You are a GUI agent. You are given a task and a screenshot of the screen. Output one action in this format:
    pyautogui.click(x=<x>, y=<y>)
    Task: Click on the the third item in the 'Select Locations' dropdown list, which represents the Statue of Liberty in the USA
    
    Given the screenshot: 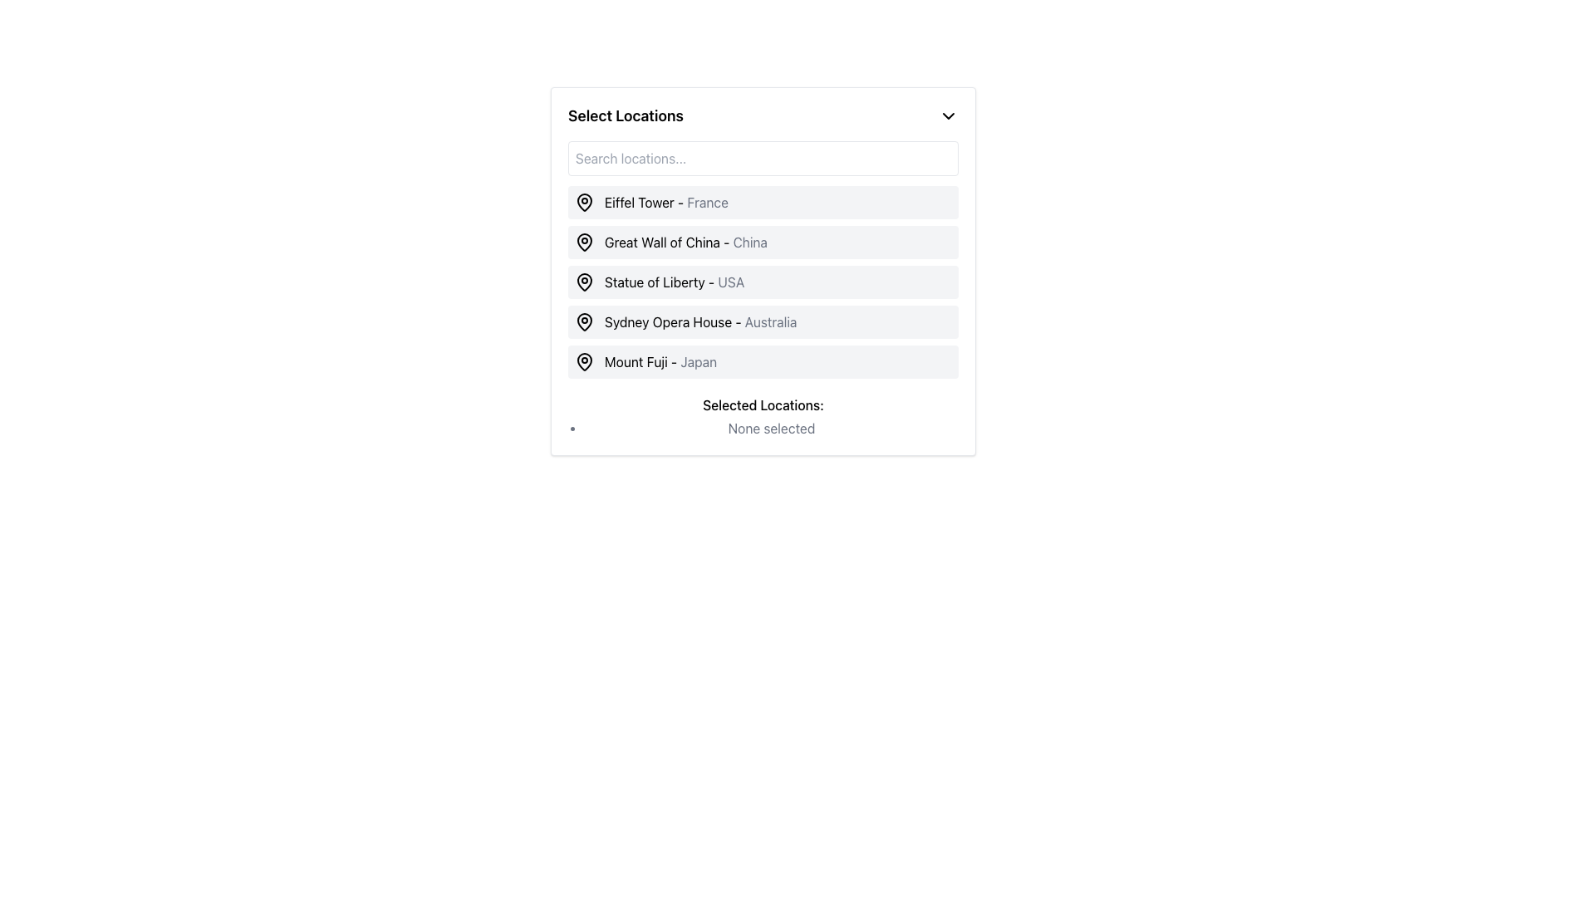 What is the action you would take?
    pyautogui.click(x=659, y=281)
    